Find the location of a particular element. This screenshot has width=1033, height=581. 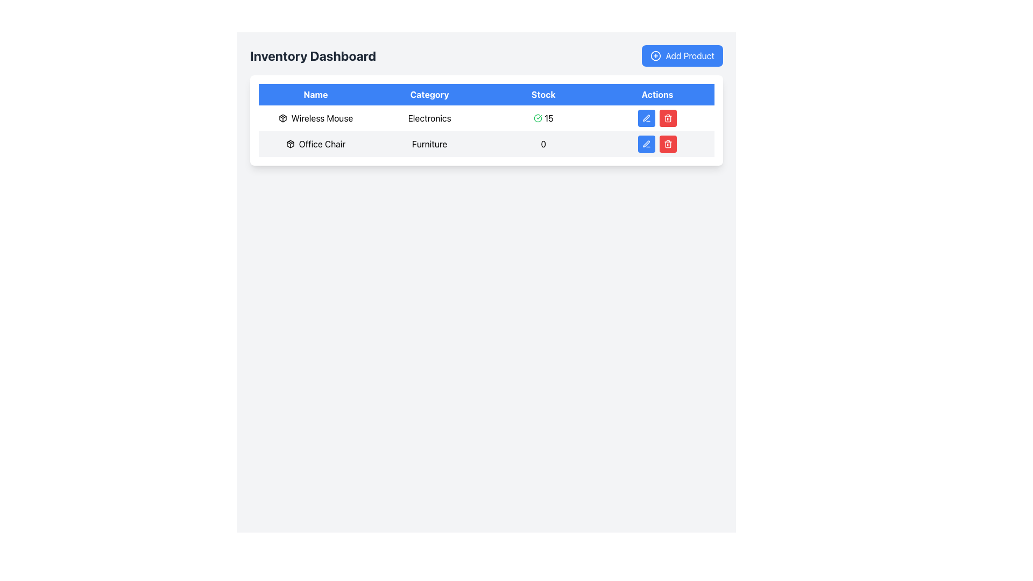

the SVG Icon in the 'Name' column of the first row of the inventory table, which serves as a visual indicator for the inventory item is located at coordinates (290, 143).